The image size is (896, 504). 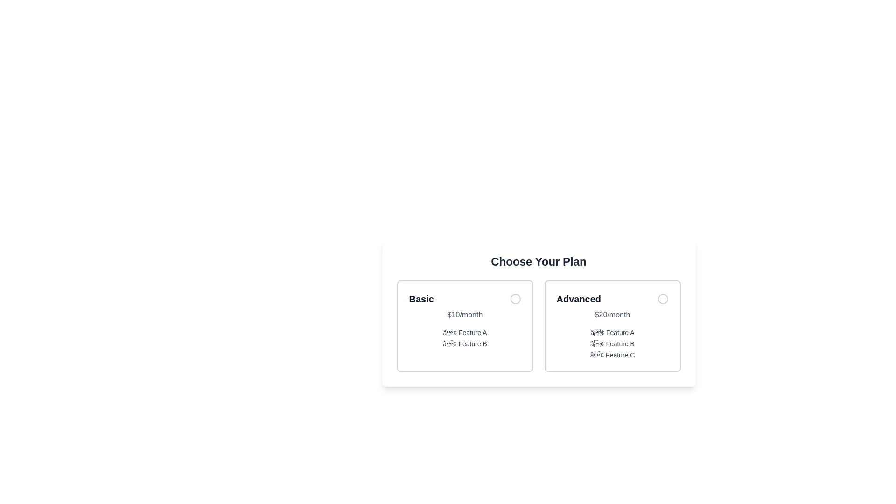 What do you see at coordinates (539, 261) in the screenshot?
I see `the text element displaying 'Choose Your Plan', which is centered at the top of the section providing options for plans` at bounding box center [539, 261].